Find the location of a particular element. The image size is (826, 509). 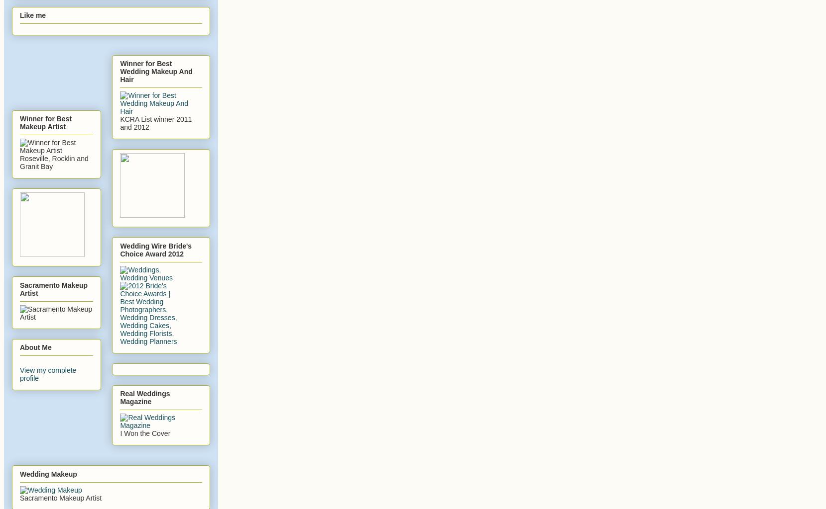

'Winner for Best Makeup Artist' is located at coordinates (45, 122).